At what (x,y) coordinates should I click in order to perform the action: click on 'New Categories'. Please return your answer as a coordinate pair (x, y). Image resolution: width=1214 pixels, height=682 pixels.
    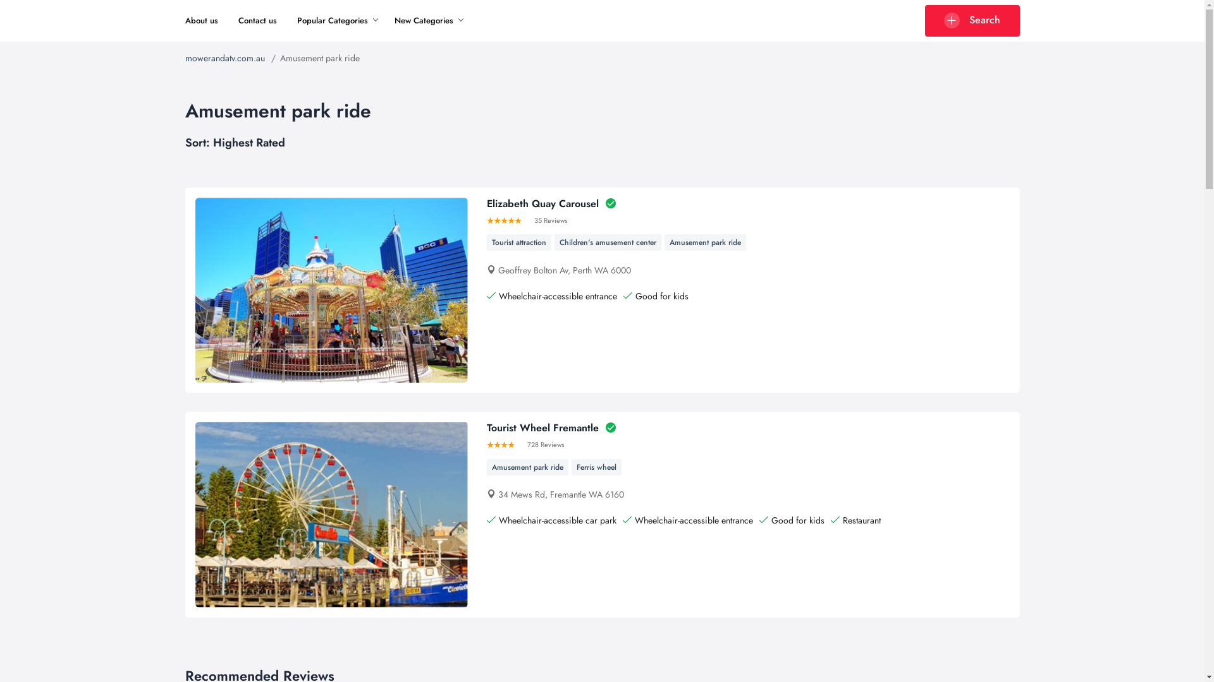
    Looking at the image, I should click on (394, 20).